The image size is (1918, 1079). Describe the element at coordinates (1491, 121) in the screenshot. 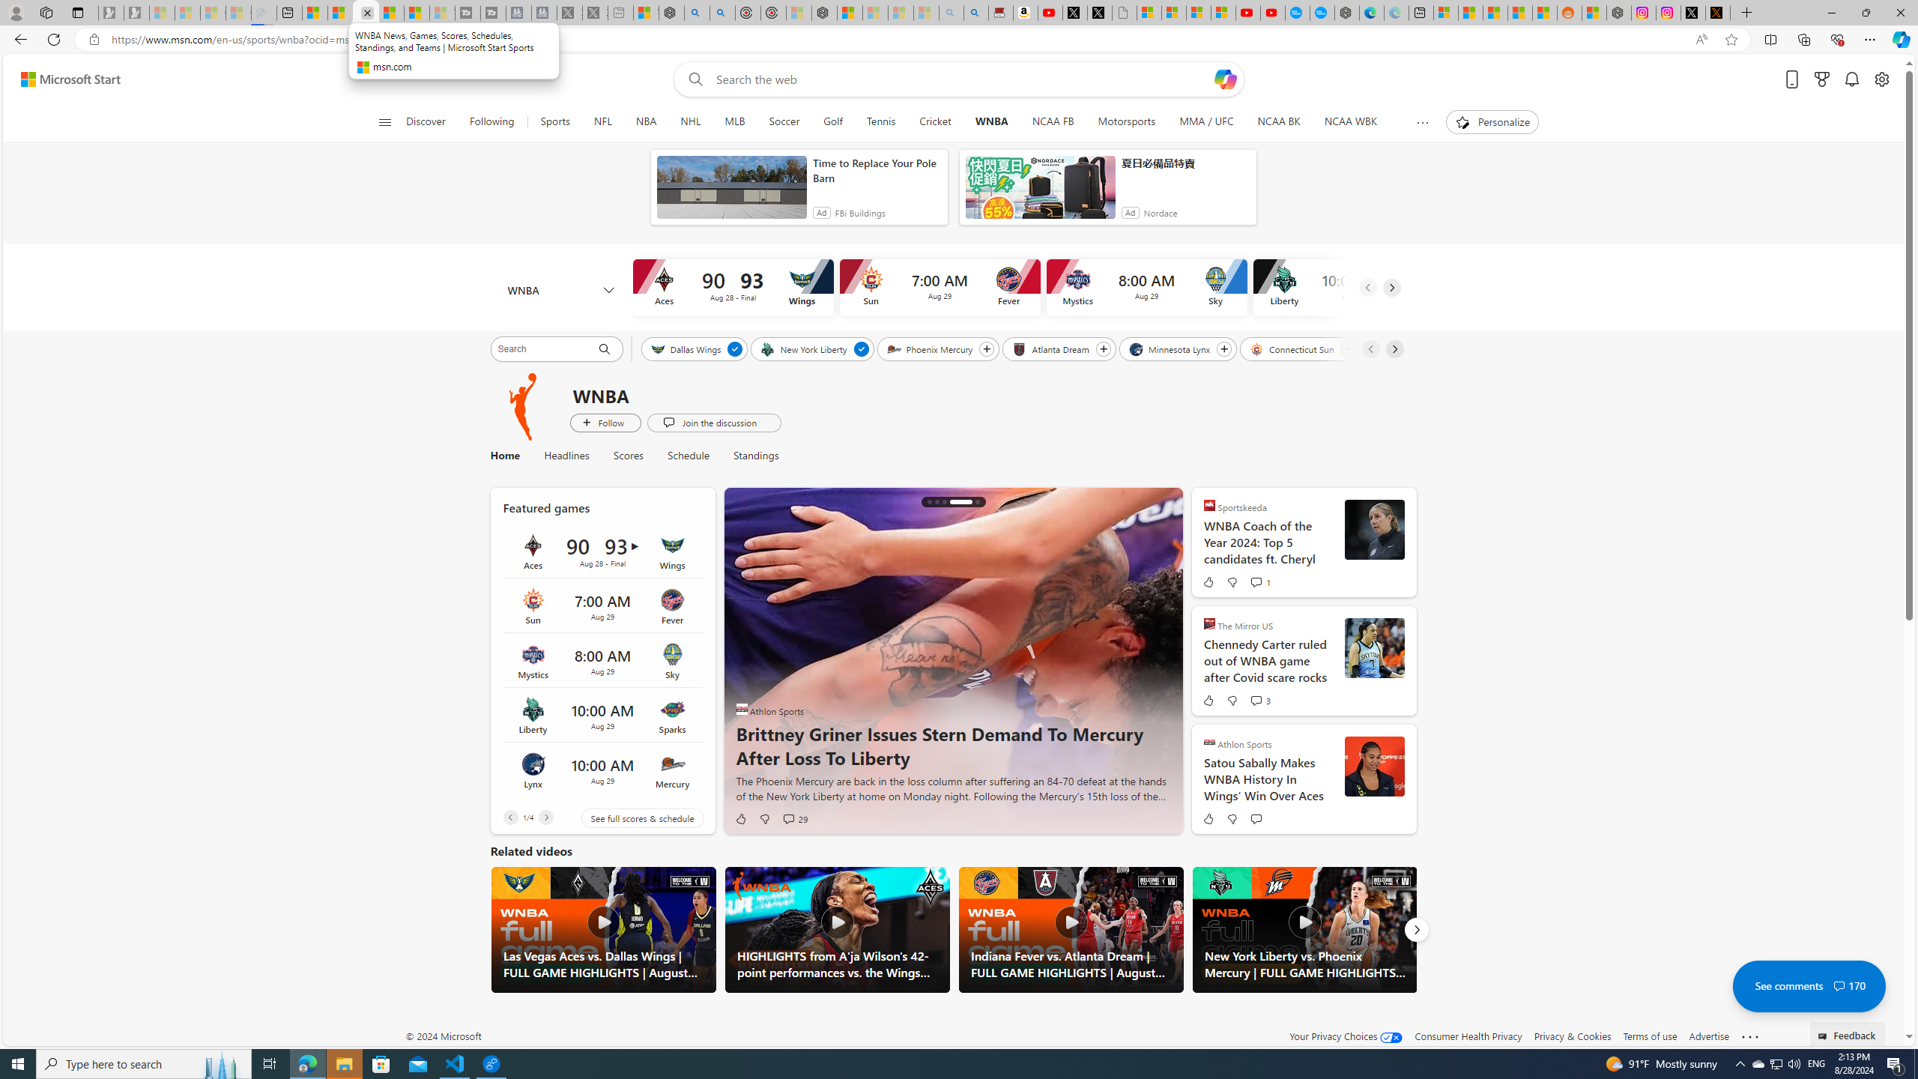

I see `'Personalize'` at that location.